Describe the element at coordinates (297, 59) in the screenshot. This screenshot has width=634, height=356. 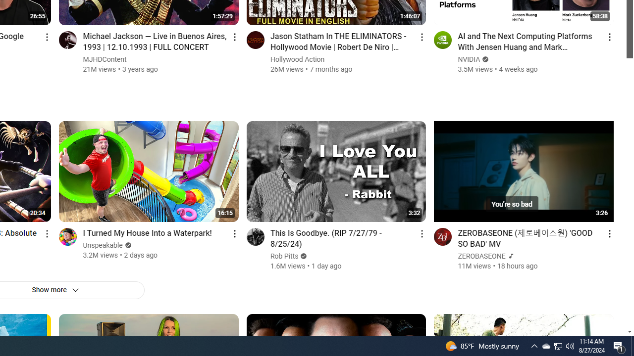
I see `'Hollywood Action'` at that location.